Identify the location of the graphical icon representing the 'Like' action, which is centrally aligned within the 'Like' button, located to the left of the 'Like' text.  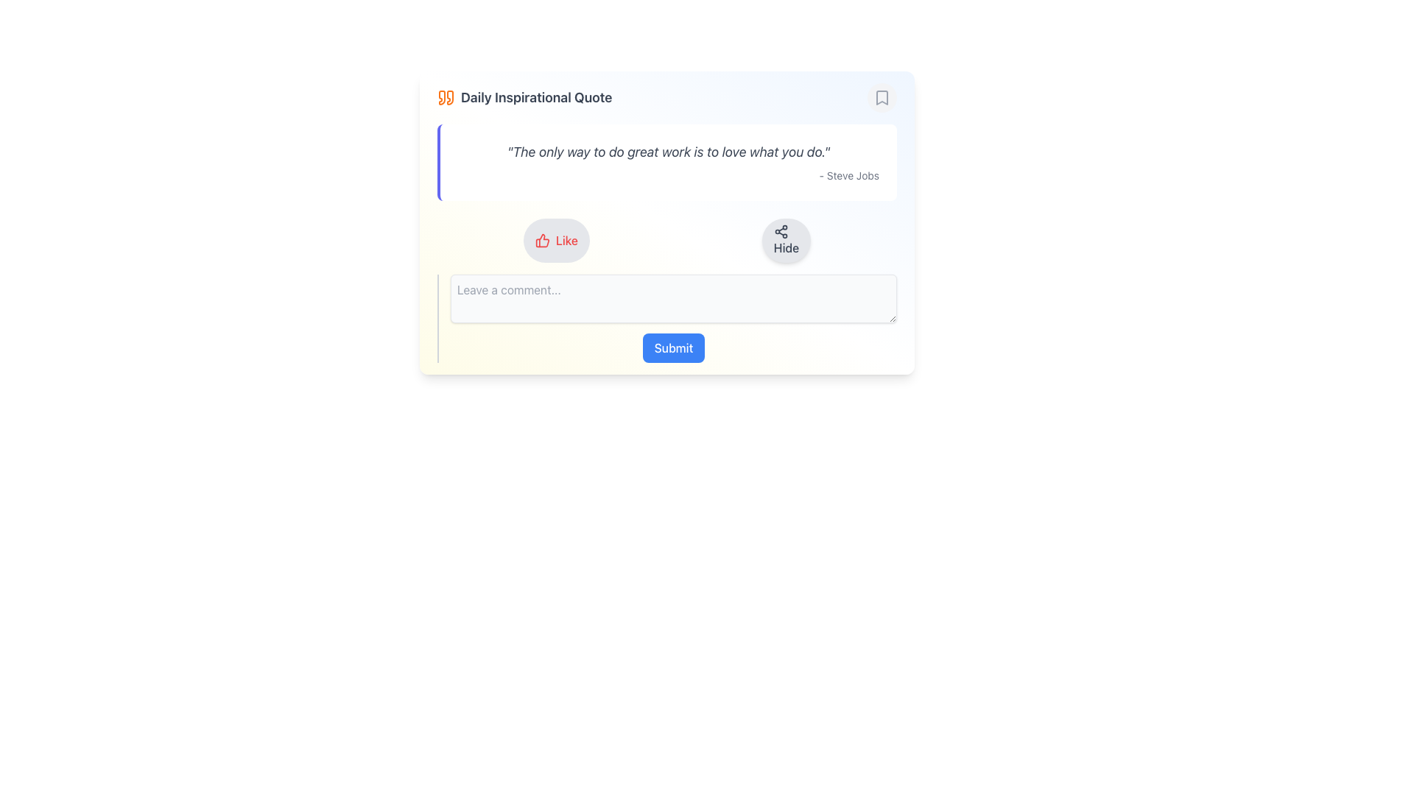
(541, 240).